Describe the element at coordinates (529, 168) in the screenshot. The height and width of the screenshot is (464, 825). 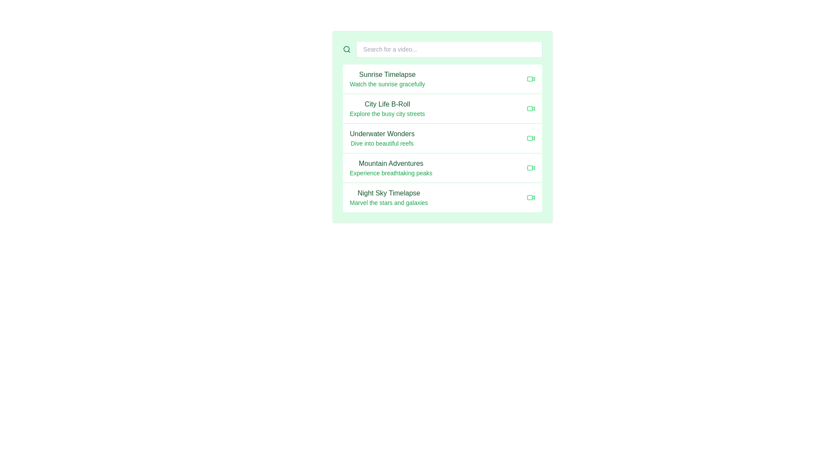
I see `the decorative indicator or status badge associated with the video option for 'Mountain Adventures', which is positioned within the fourth item of the vertical list of video options` at that location.